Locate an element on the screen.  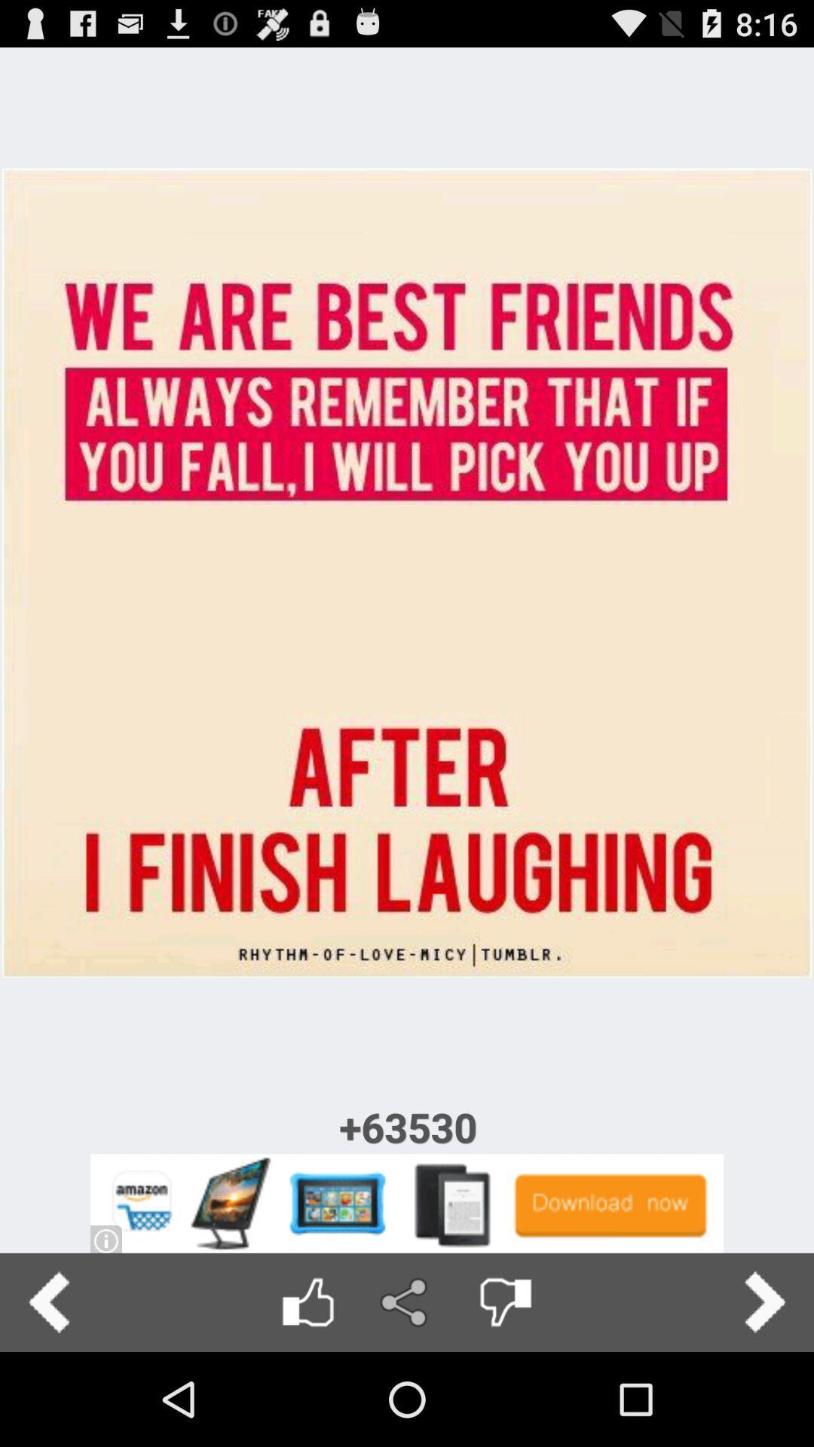
next page is located at coordinates (764, 1302).